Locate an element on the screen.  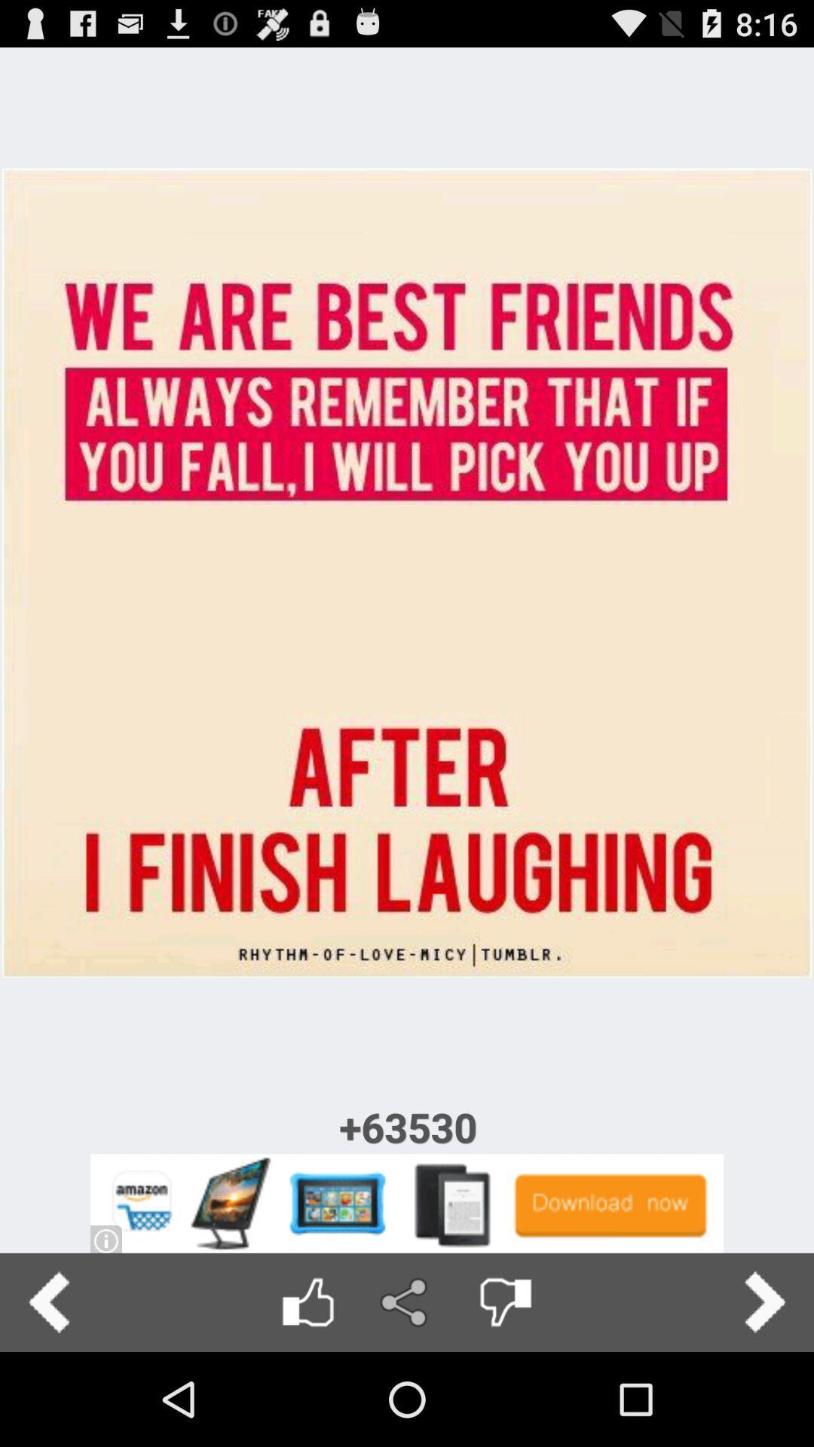
next page is located at coordinates (764, 1302).